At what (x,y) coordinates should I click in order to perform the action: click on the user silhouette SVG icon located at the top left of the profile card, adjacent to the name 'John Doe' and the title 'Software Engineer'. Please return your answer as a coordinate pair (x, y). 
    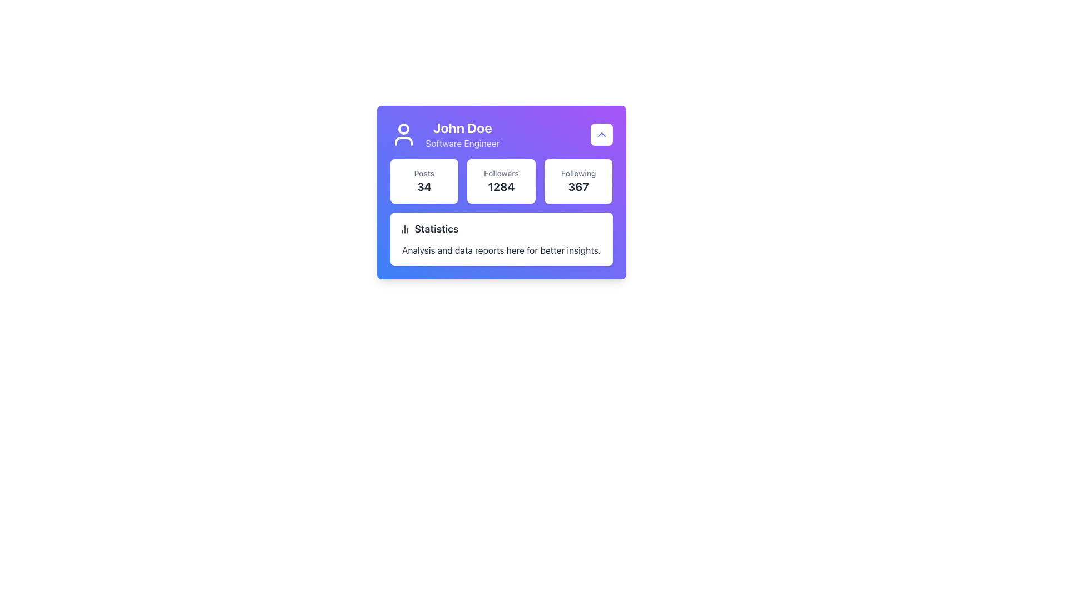
    Looking at the image, I should click on (403, 134).